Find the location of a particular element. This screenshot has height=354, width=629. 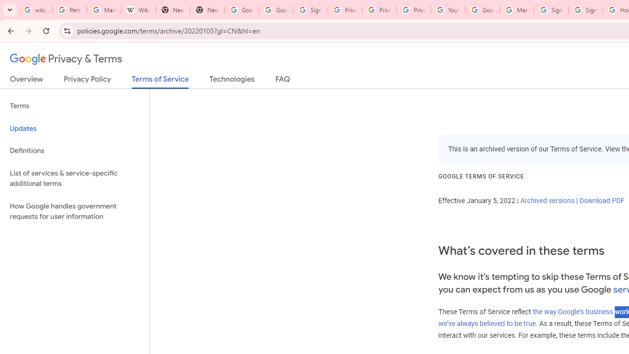

'List of services & service-specific additional terms' is located at coordinates (74, 178).